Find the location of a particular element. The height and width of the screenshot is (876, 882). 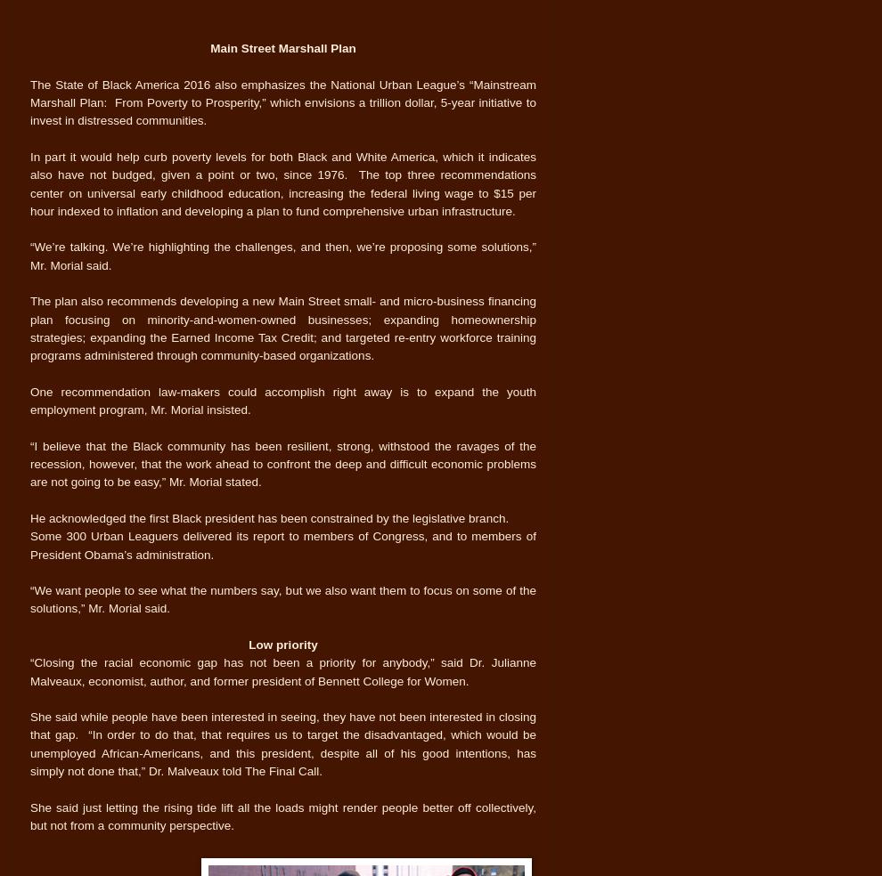

'Main Street Marshall Plan' is located at coordinates (209, 47).